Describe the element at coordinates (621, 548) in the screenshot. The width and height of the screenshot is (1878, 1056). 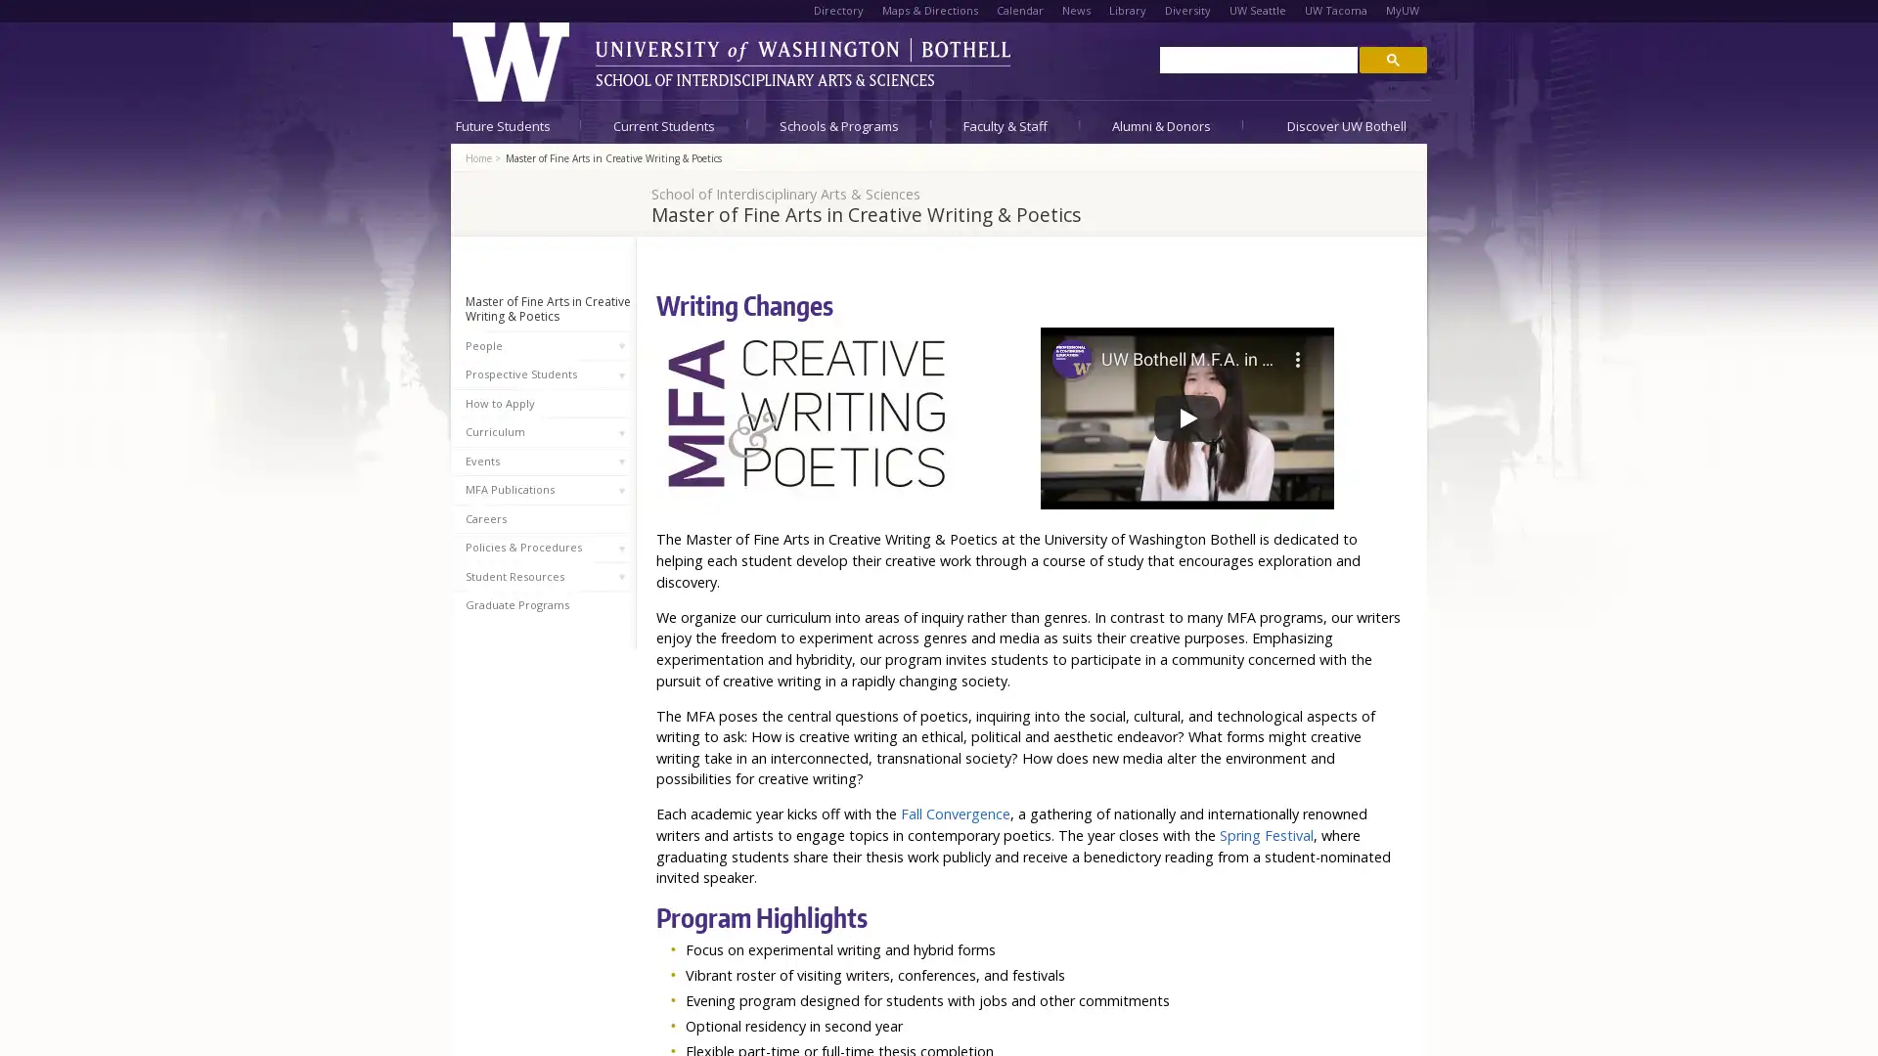
I see `Policies & Procedures Submenu` at that location.